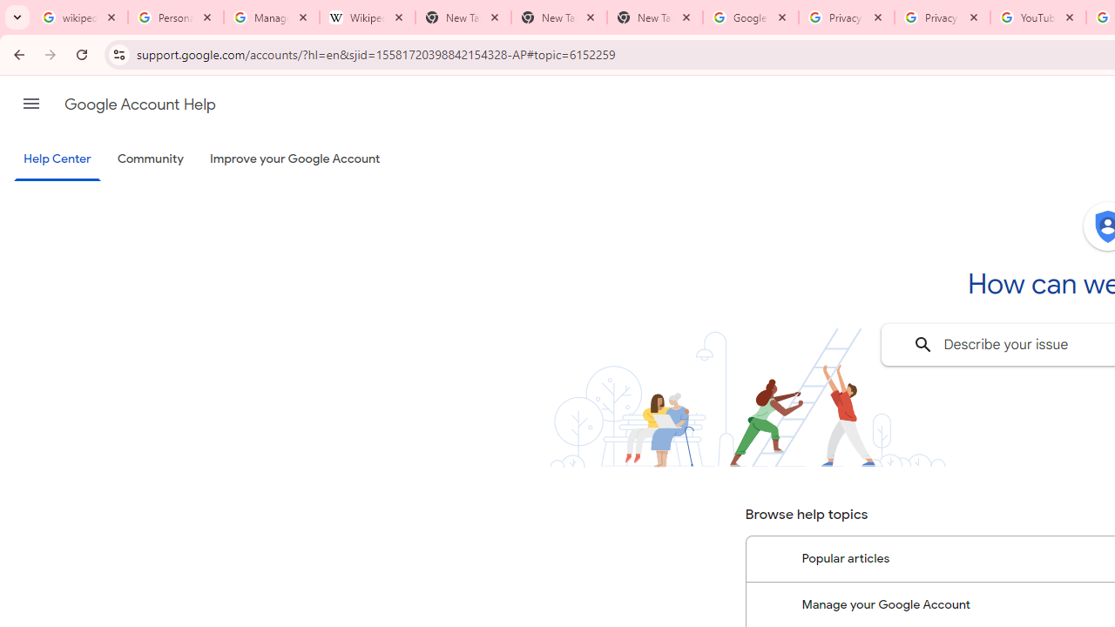  What do you see at coordinates (150, 159) in the screenshot?
I see `'Community'` at bounding box center [150, 159].